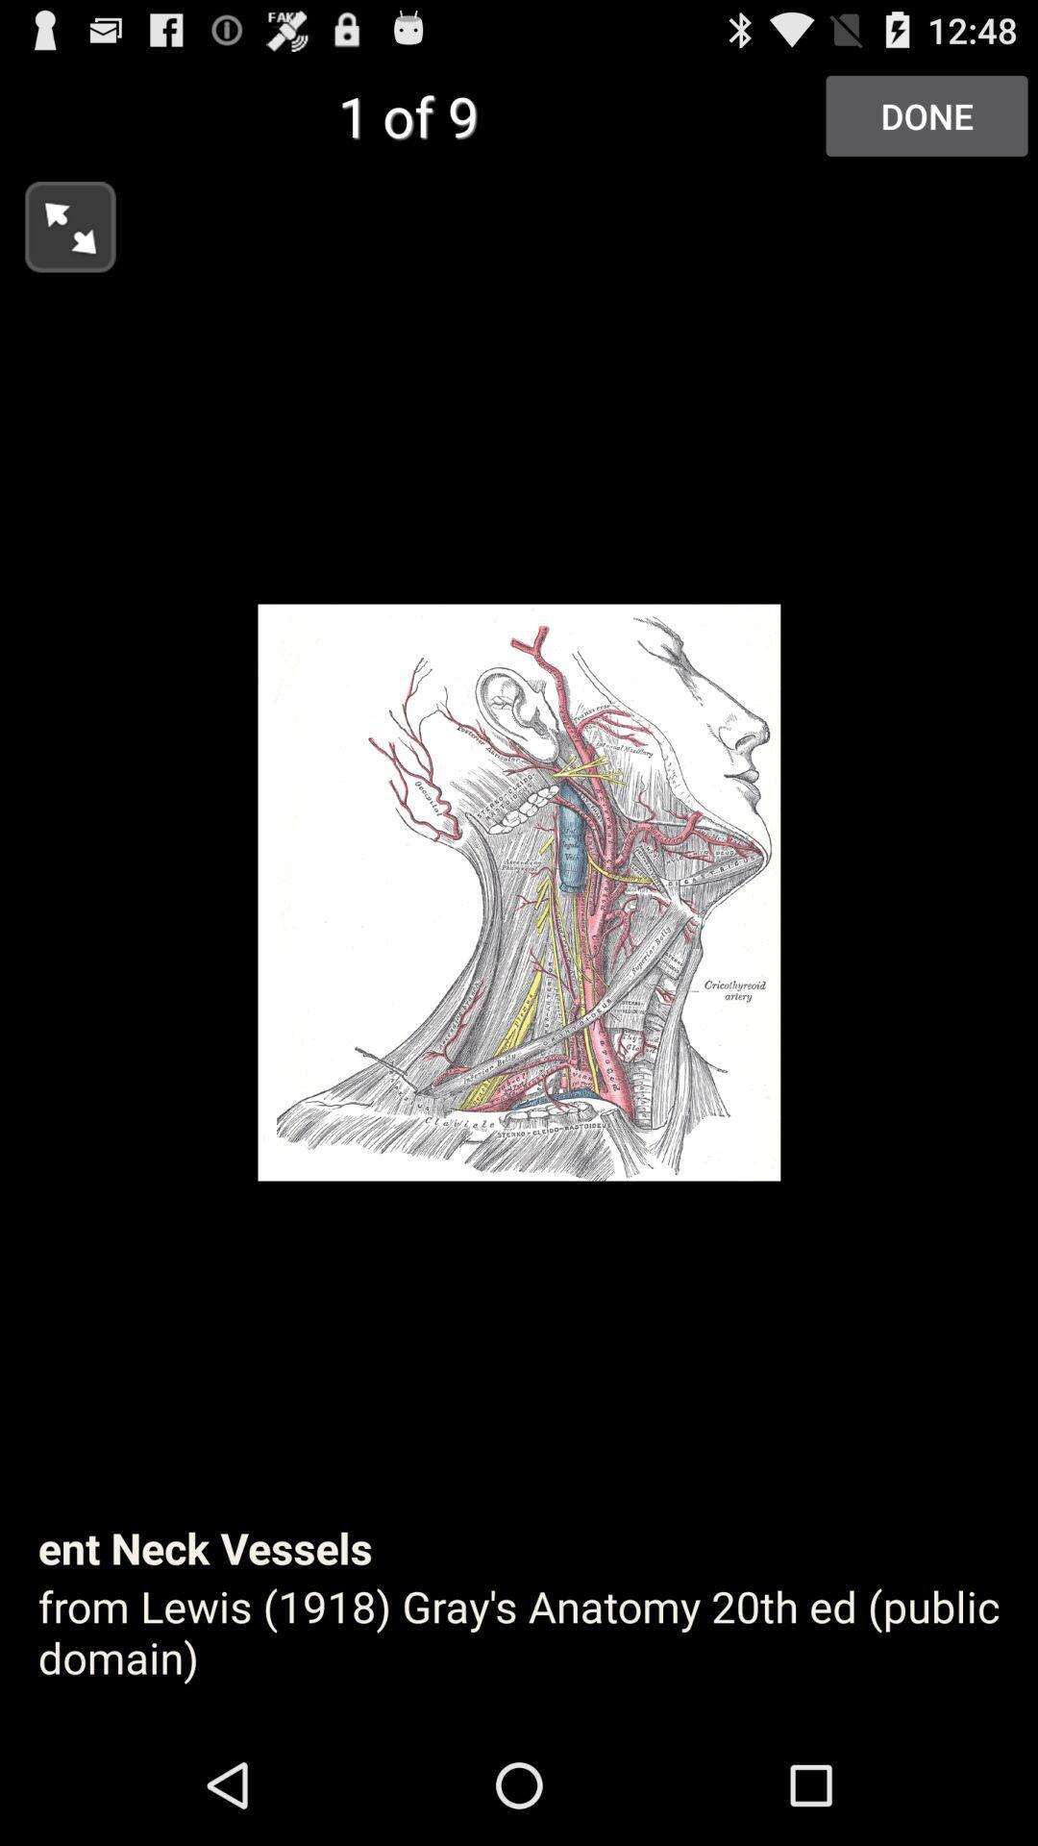 The height and width of the screenshot is (1846, 1038). What do you see at coordinates (926, 114) in the screenshot?
I see `the icon next to 1 of 9 icon` at bounding box center [926, 114].